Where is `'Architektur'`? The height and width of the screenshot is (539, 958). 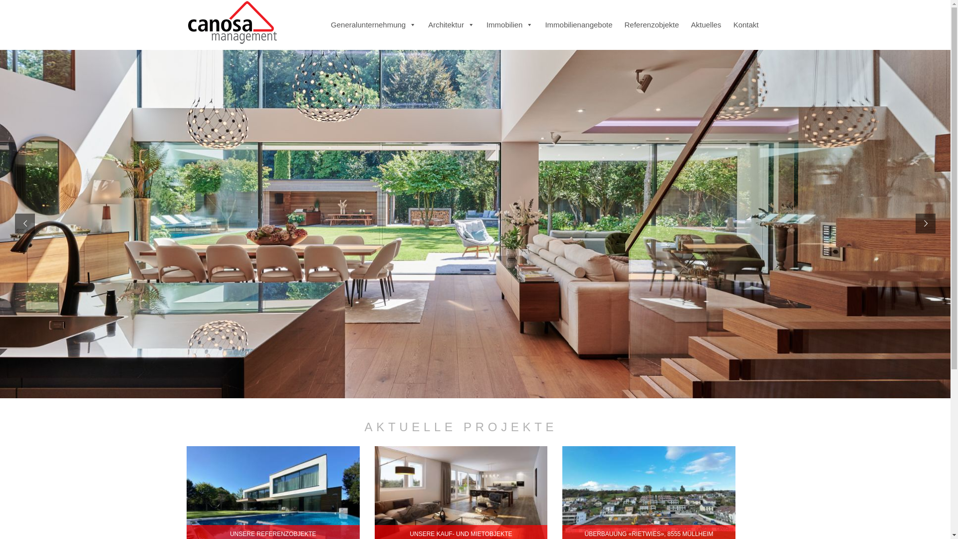 'Architektur' is located at coordinates (422, 24).